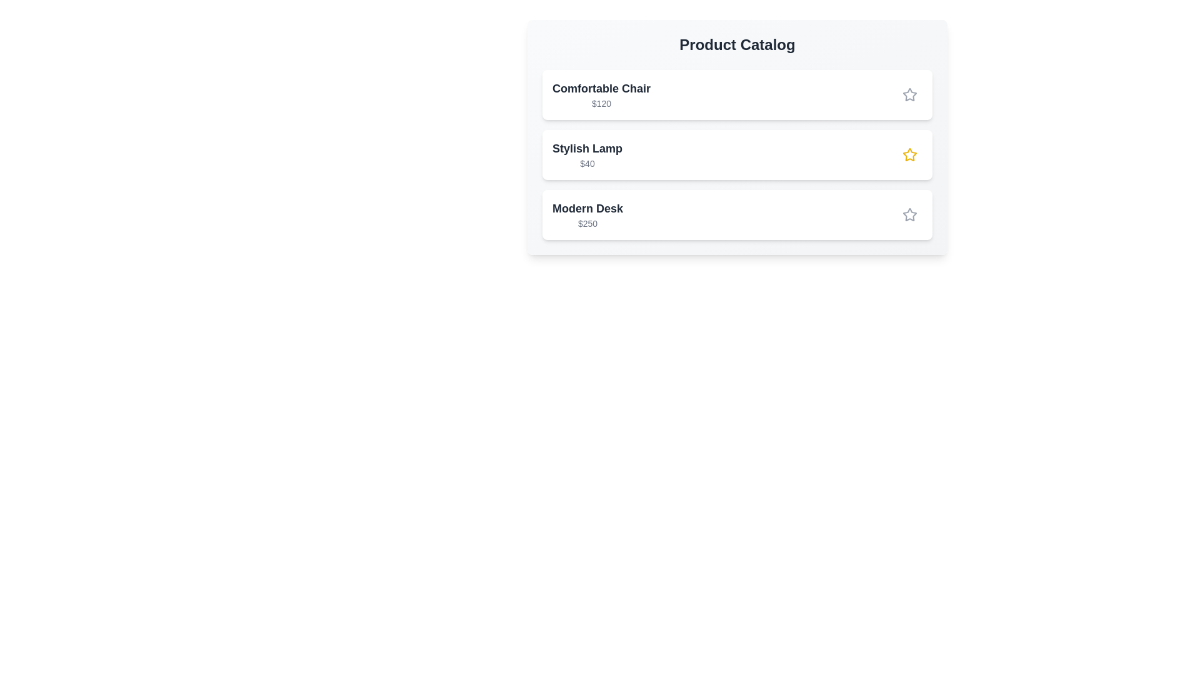 The height and width of the screenshot is (675, 1200). What do you see at coordinates (909, 154) in the screenshot?
I see `star icon for the product with name Stylish Lamp to toggle its featured state` at bounding box center [909, 154].